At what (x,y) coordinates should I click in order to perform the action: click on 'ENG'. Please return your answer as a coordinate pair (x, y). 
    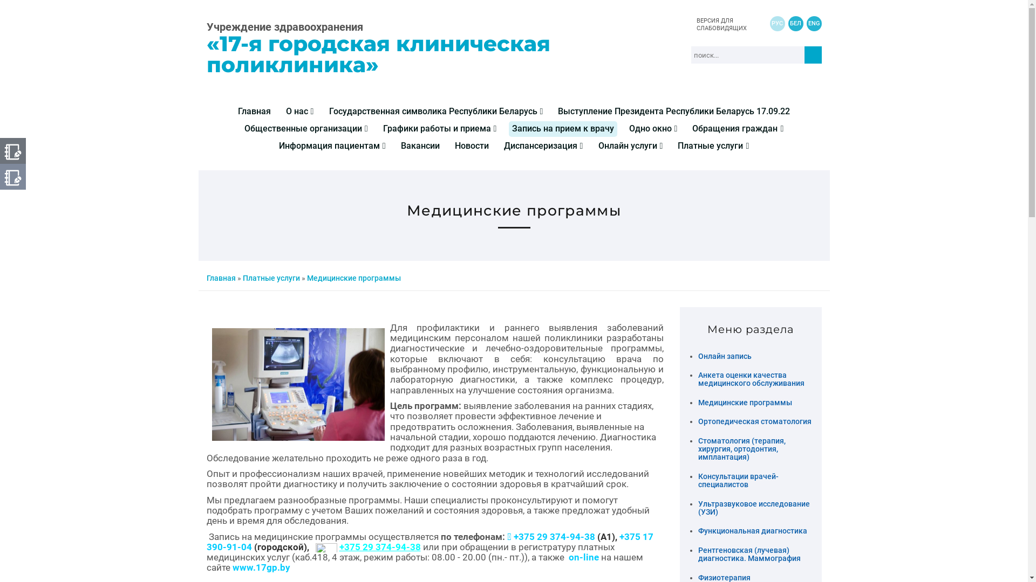
    Looking at the image, I should click on (813, 28).